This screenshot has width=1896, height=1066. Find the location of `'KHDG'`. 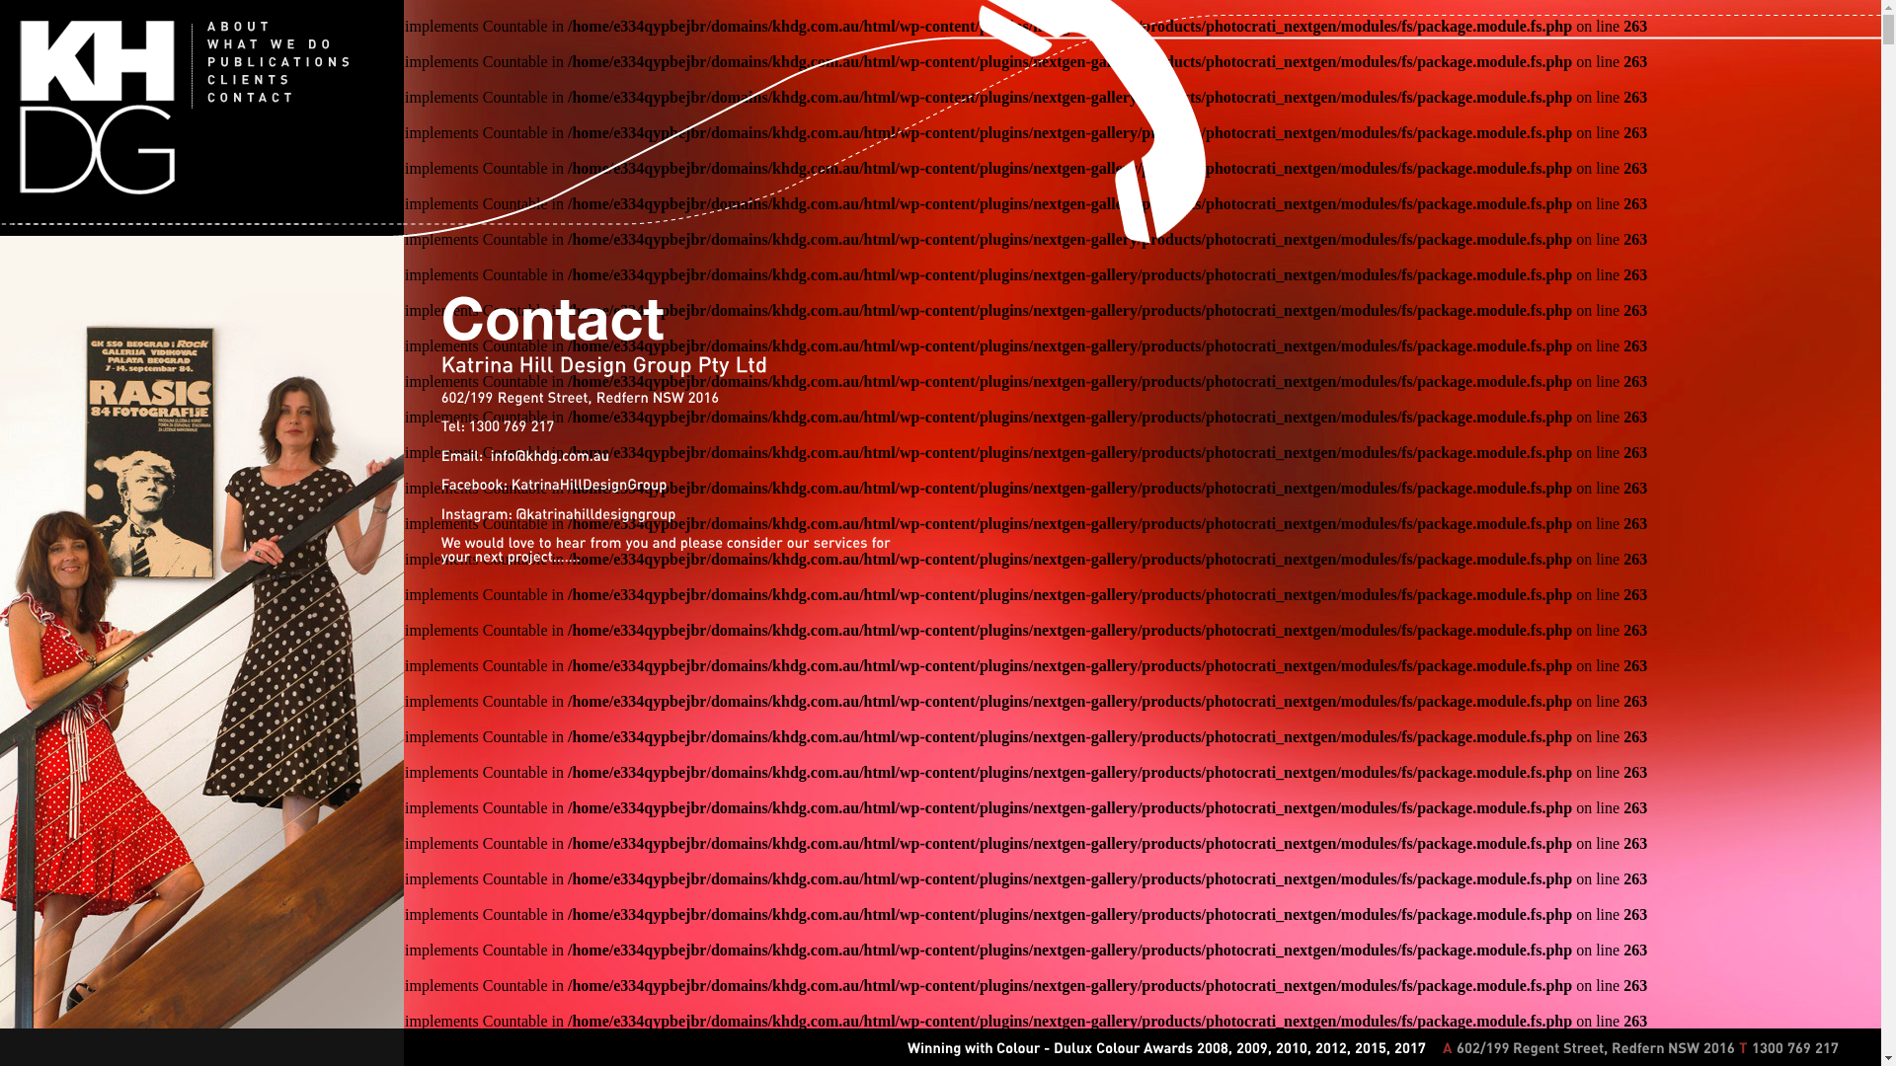

'KHDG' is located at coordinates (19, 107).